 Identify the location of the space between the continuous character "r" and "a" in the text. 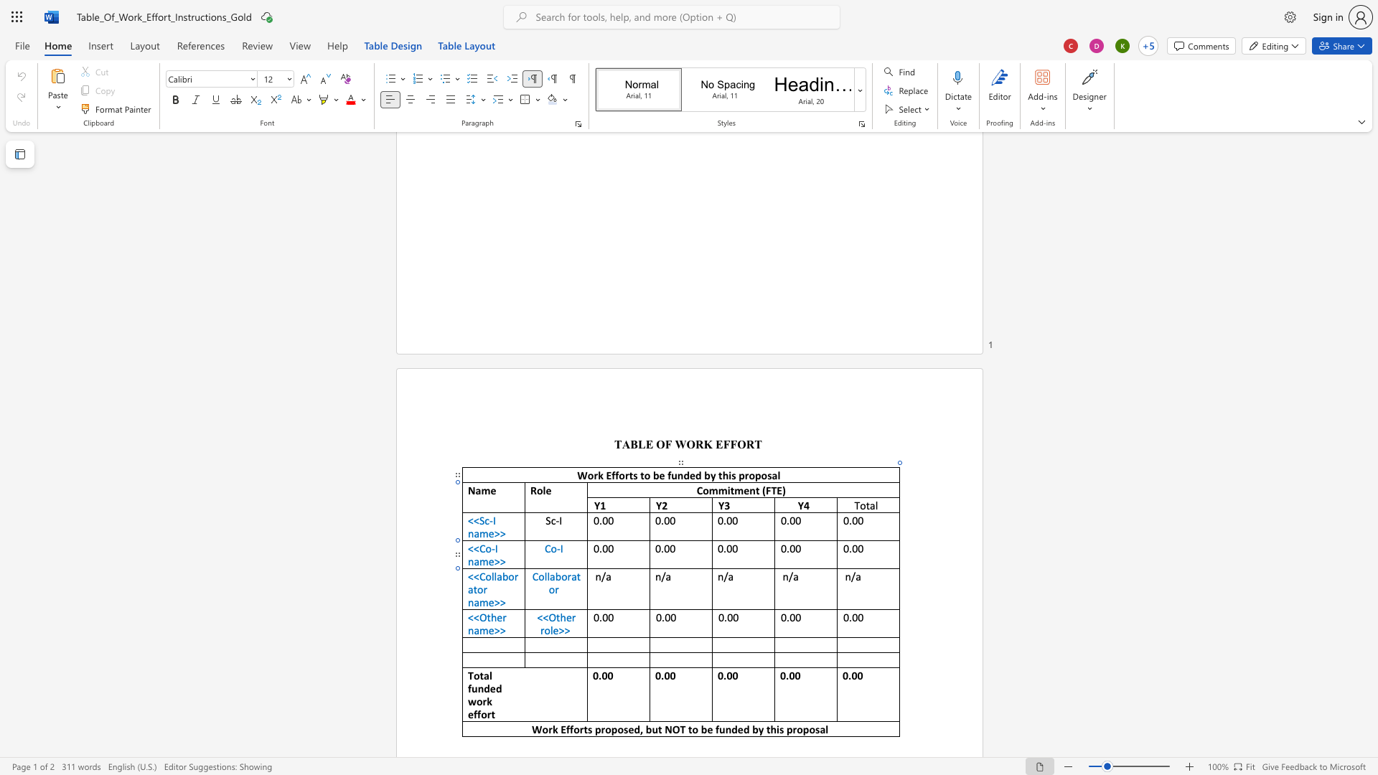
(571, 576).